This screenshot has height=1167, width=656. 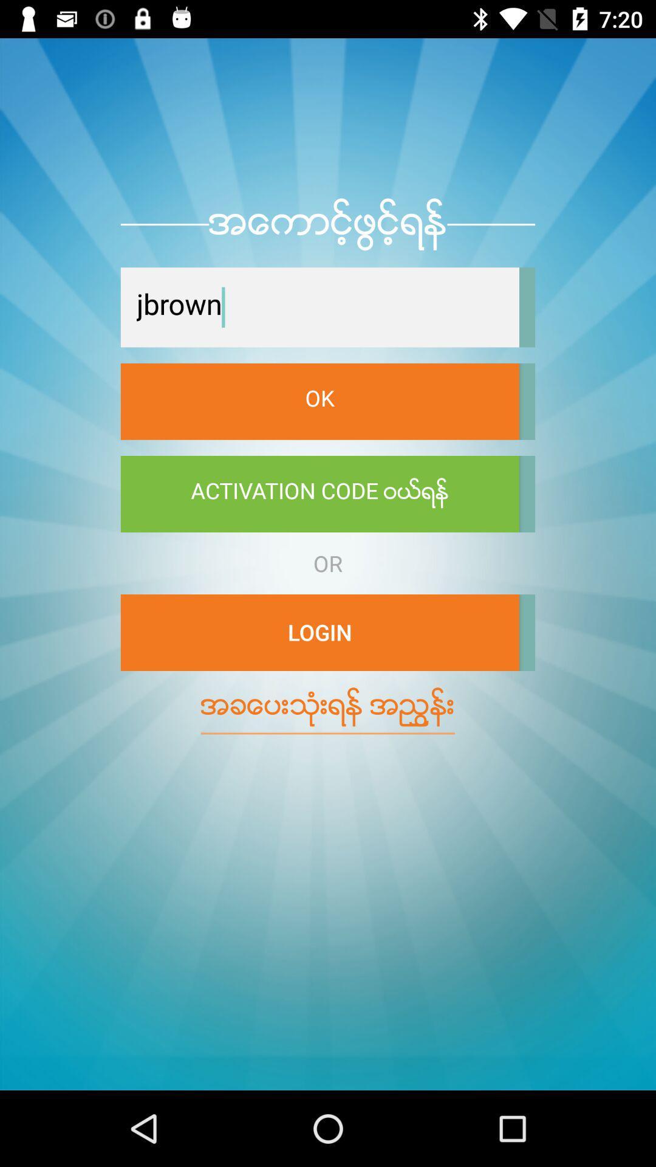 What do you see at coordinates (319, 494) in the screenshot?
I see `the icon above the or icon` at bounding box center [319, 494].